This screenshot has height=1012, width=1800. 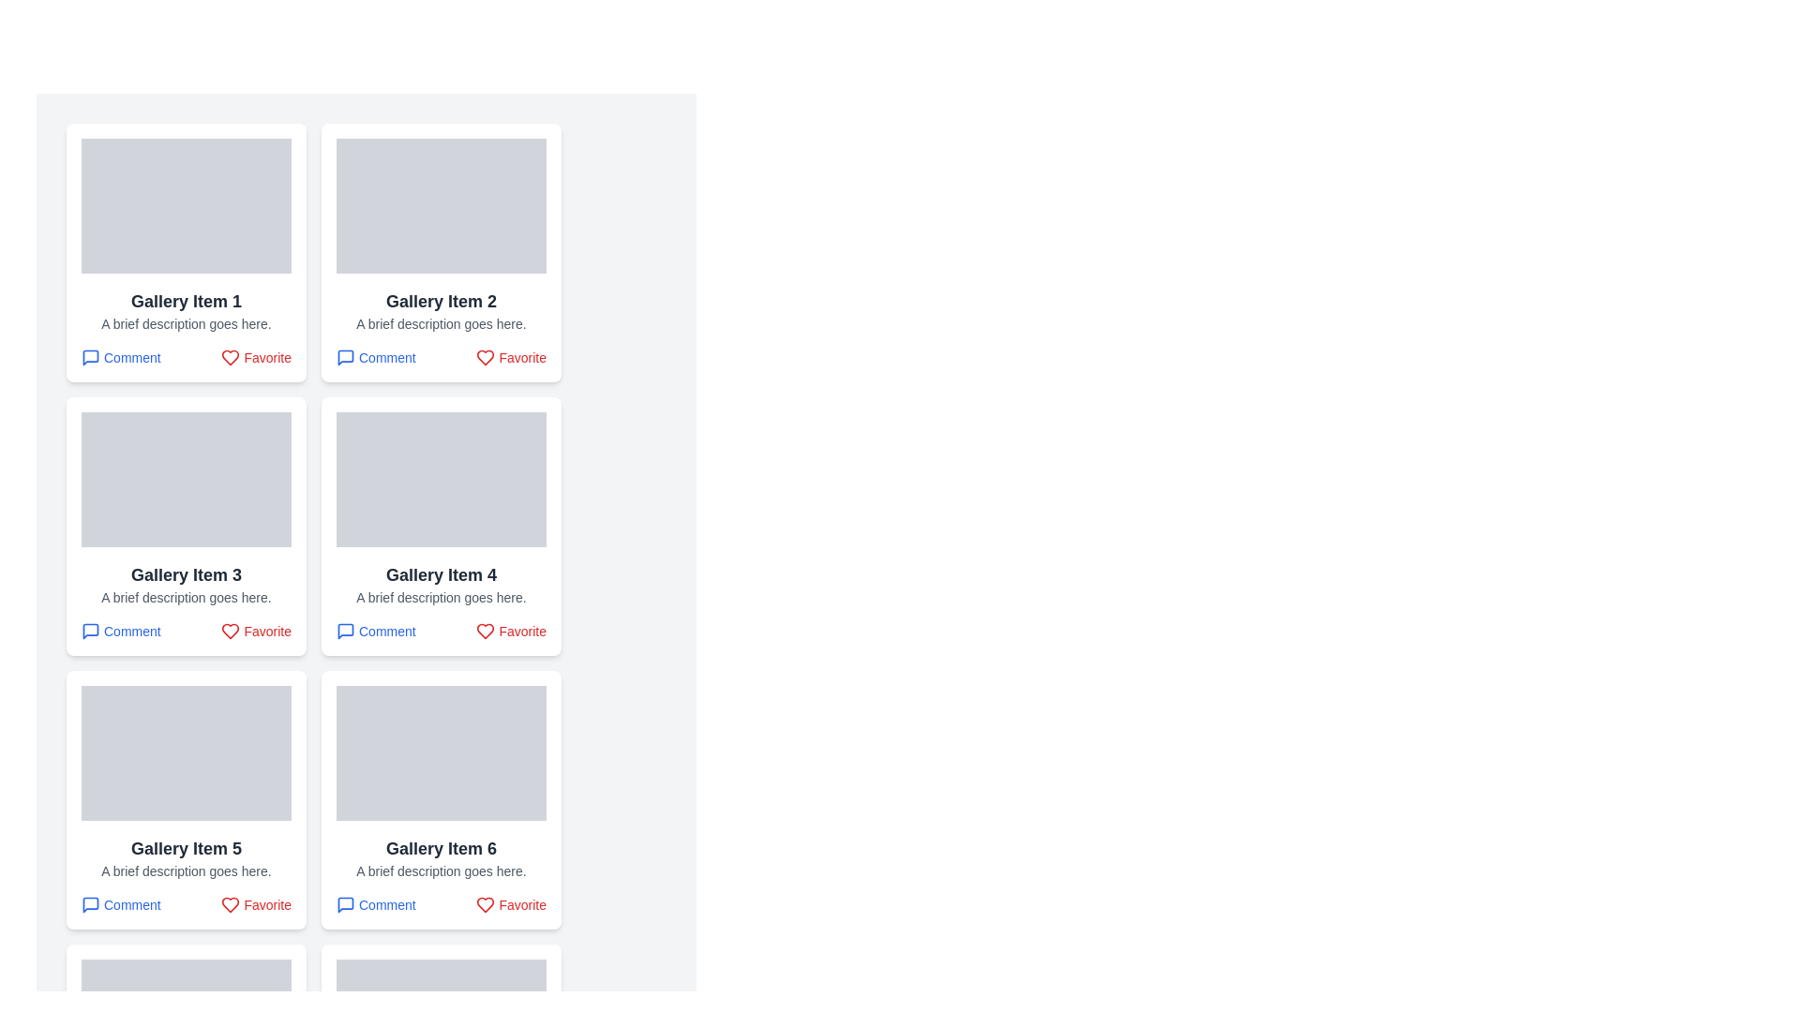 I want to click on the comment icon located at the bottom of the sixth gallery card in the grid layout, which is horizontally adjacent to the 'Favorite' icon, so click(x=346, y=903).